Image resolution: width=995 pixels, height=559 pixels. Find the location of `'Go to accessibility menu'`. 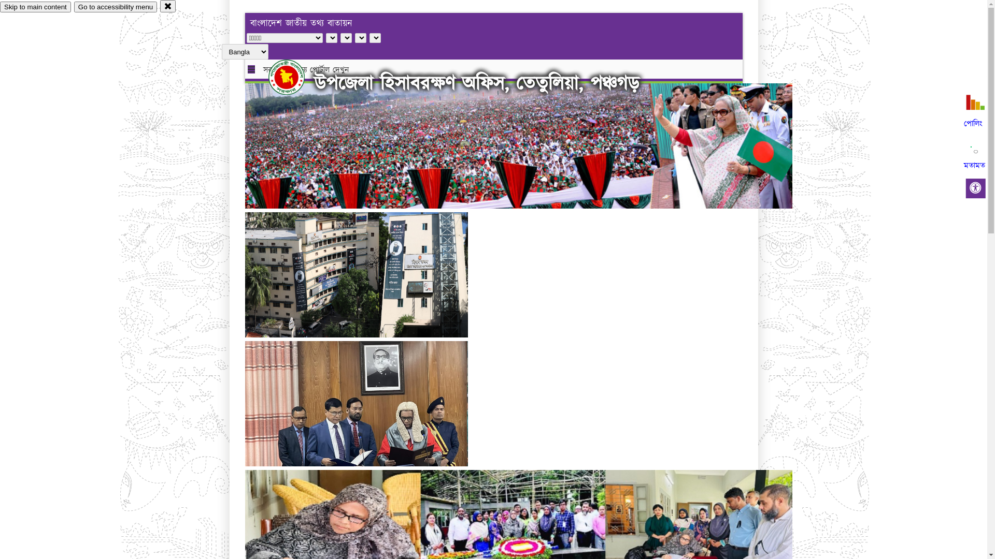

'Go to accessibility menu' is located at coordinates (74, 7).